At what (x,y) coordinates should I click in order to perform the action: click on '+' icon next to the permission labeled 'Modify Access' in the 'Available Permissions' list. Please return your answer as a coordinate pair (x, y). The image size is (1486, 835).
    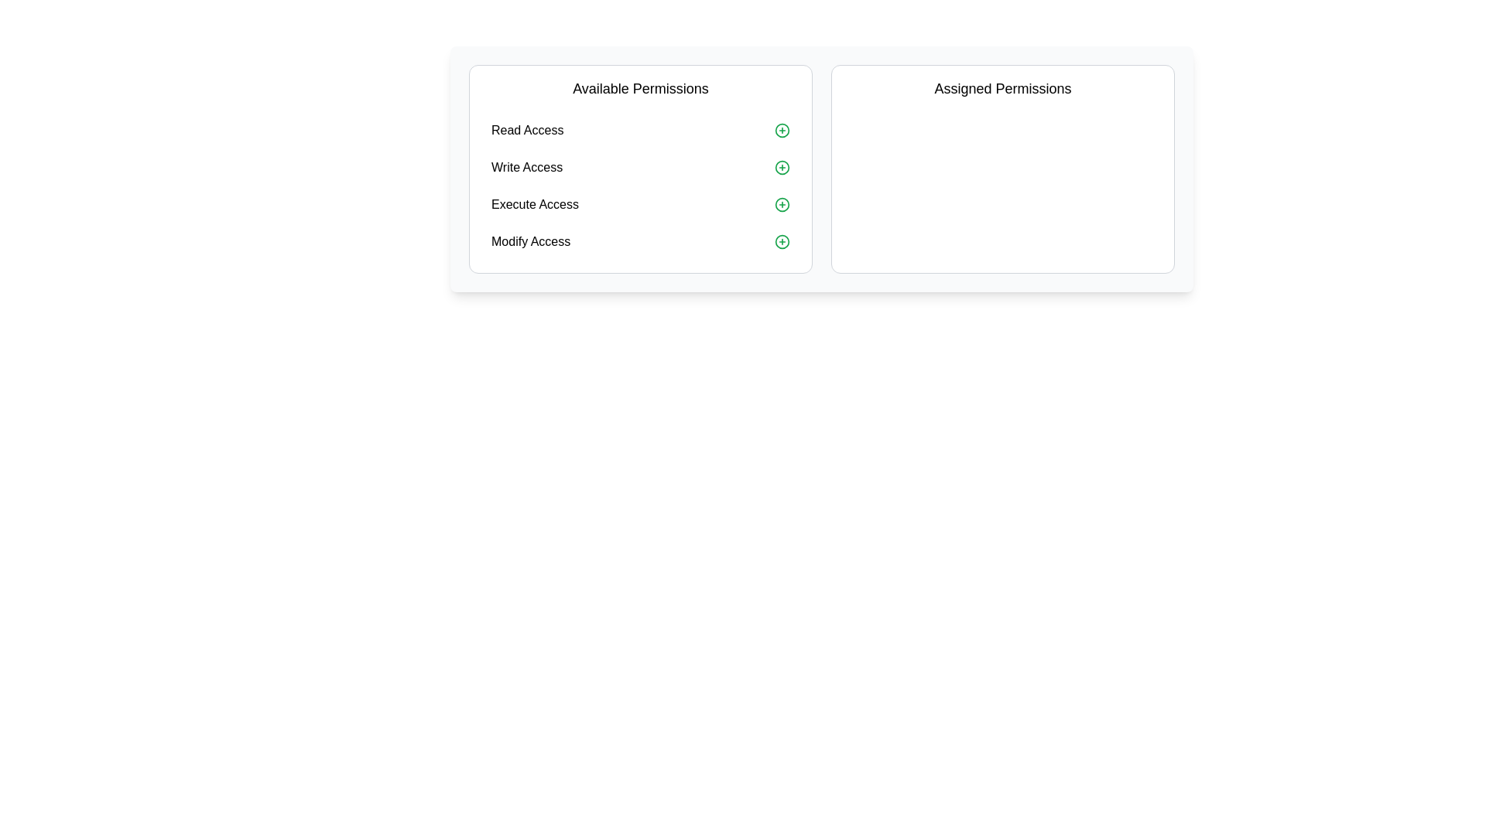
    Looking at the image, I should click on (782, 241).